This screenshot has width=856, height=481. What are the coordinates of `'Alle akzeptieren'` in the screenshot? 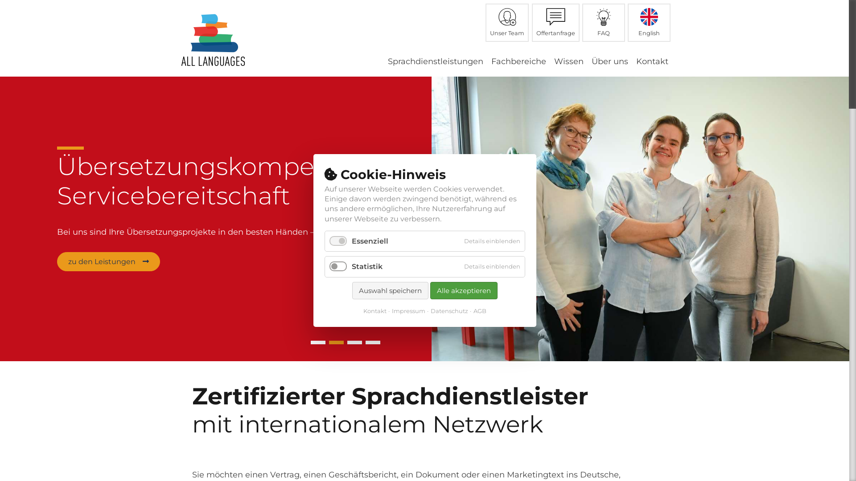 It's located at (463, 290).